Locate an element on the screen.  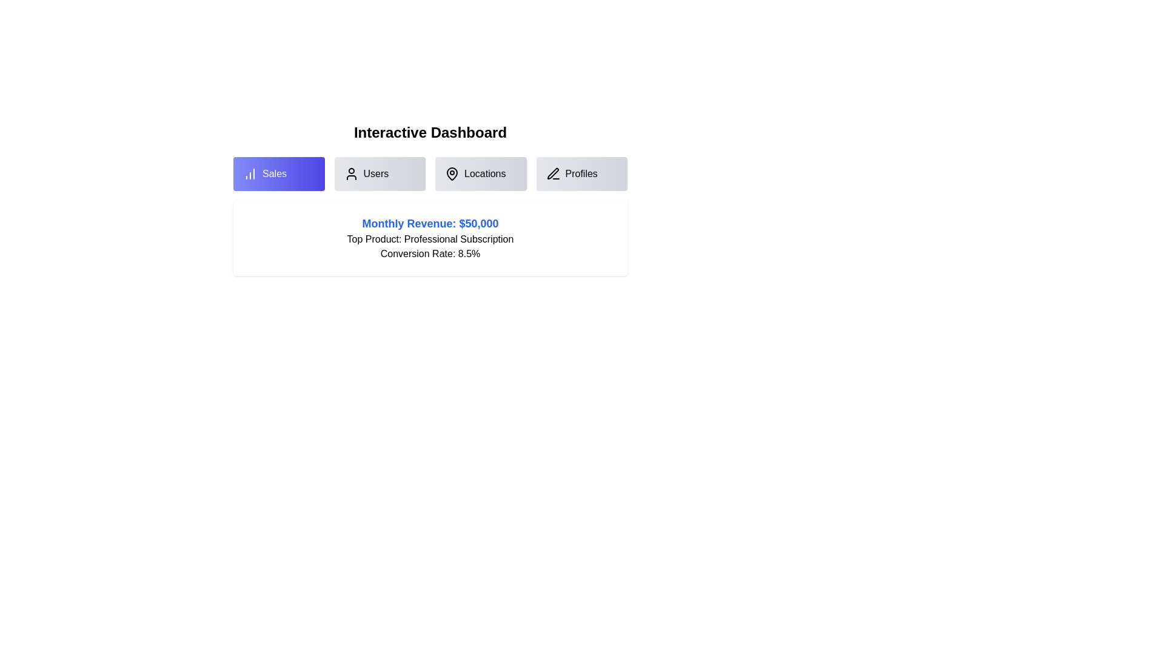
the location icon centered within the 'Locations' button, which is the third button from the left below the 'Interactive Dashboard' heading is located at coordinates (451, 173).